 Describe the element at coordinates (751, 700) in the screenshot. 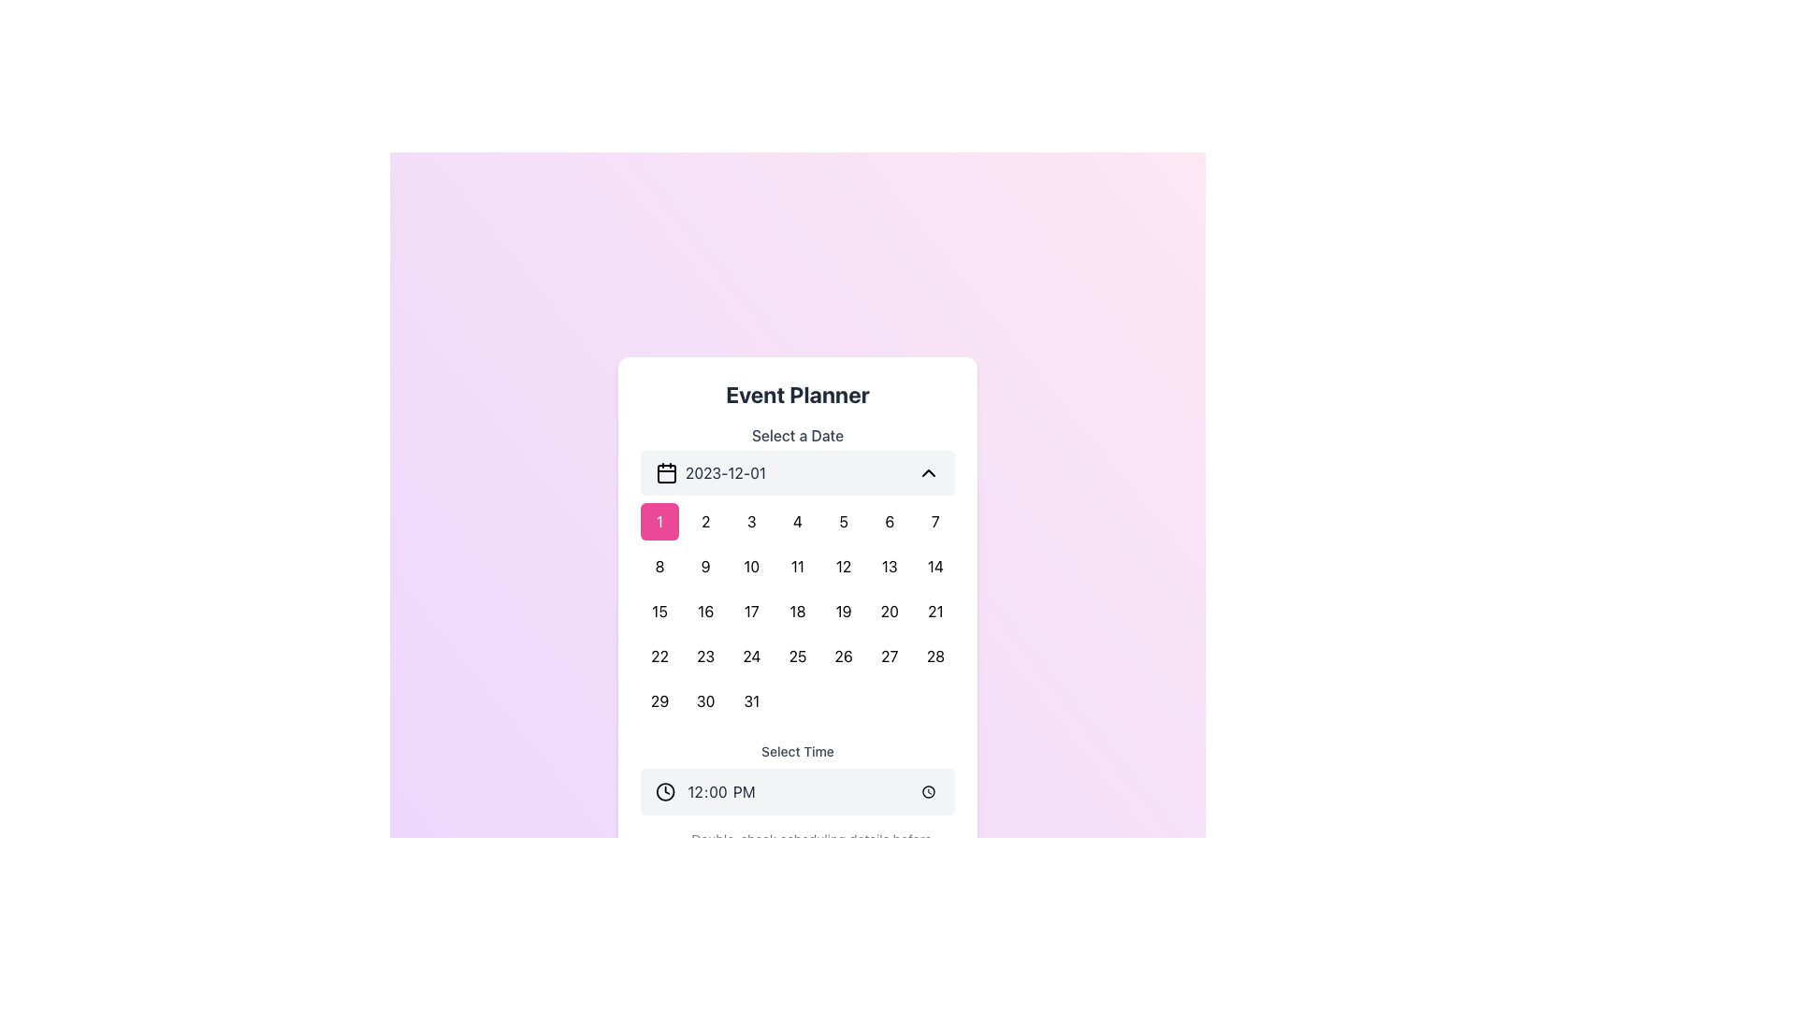

I see `the button used` at that location.